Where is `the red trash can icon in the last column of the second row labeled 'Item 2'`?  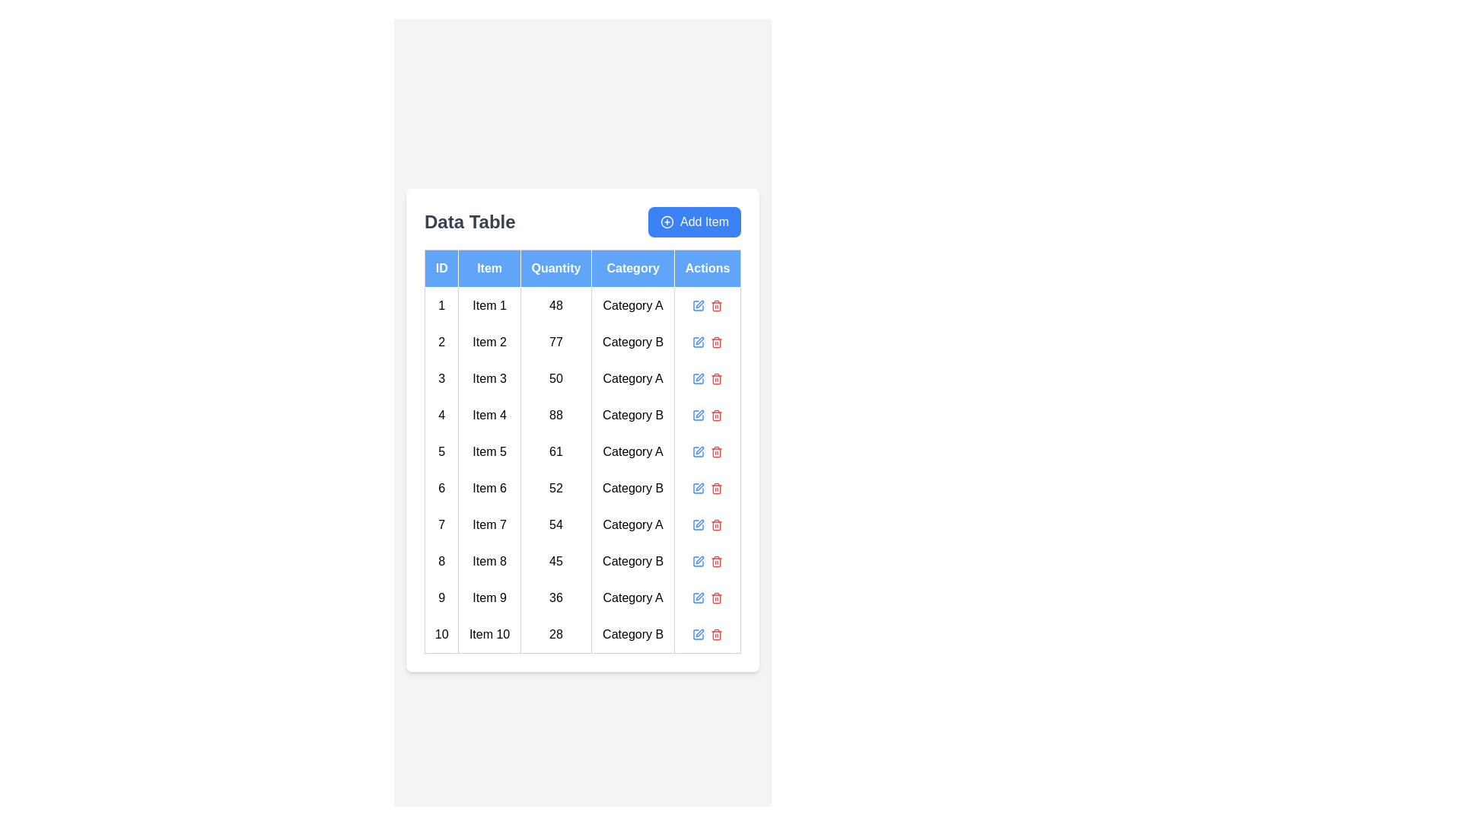 the red trash can icon in the last column of the second row labeled 'Item 2' is located at coordinates (716, 341).